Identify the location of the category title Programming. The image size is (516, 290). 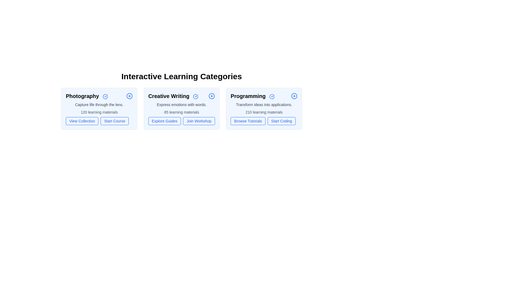
(252, 96).